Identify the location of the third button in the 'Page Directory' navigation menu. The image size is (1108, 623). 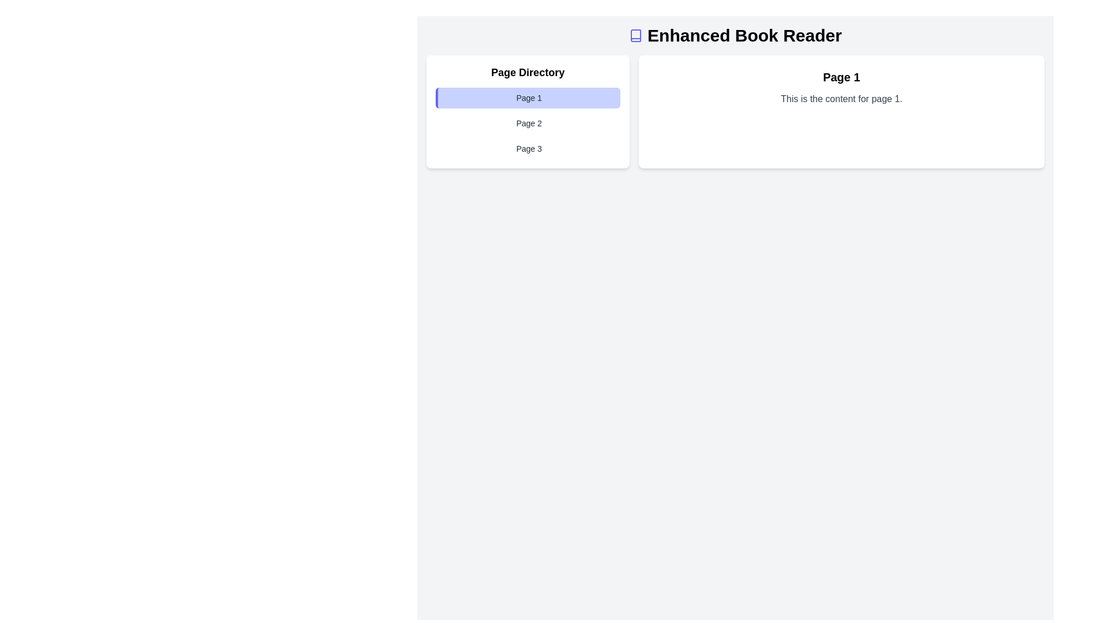
(527, 148).